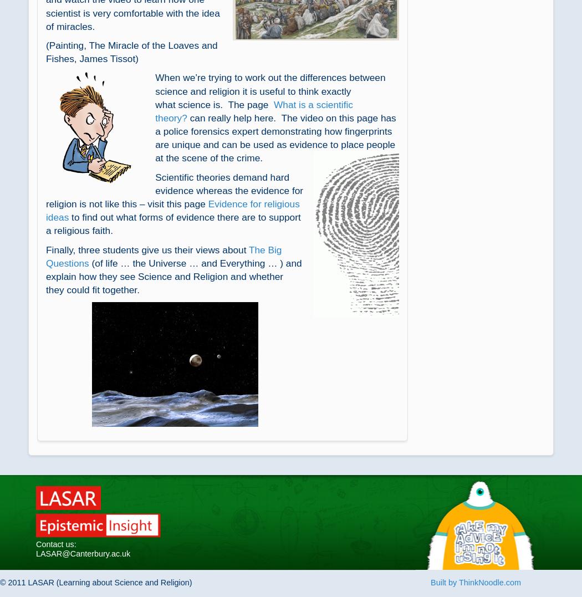 This screenshot has width=582, height=597. Describe the element at coordinates (254, 110) in the screenshot. I see `'What is a scientific theory?'` at that location.